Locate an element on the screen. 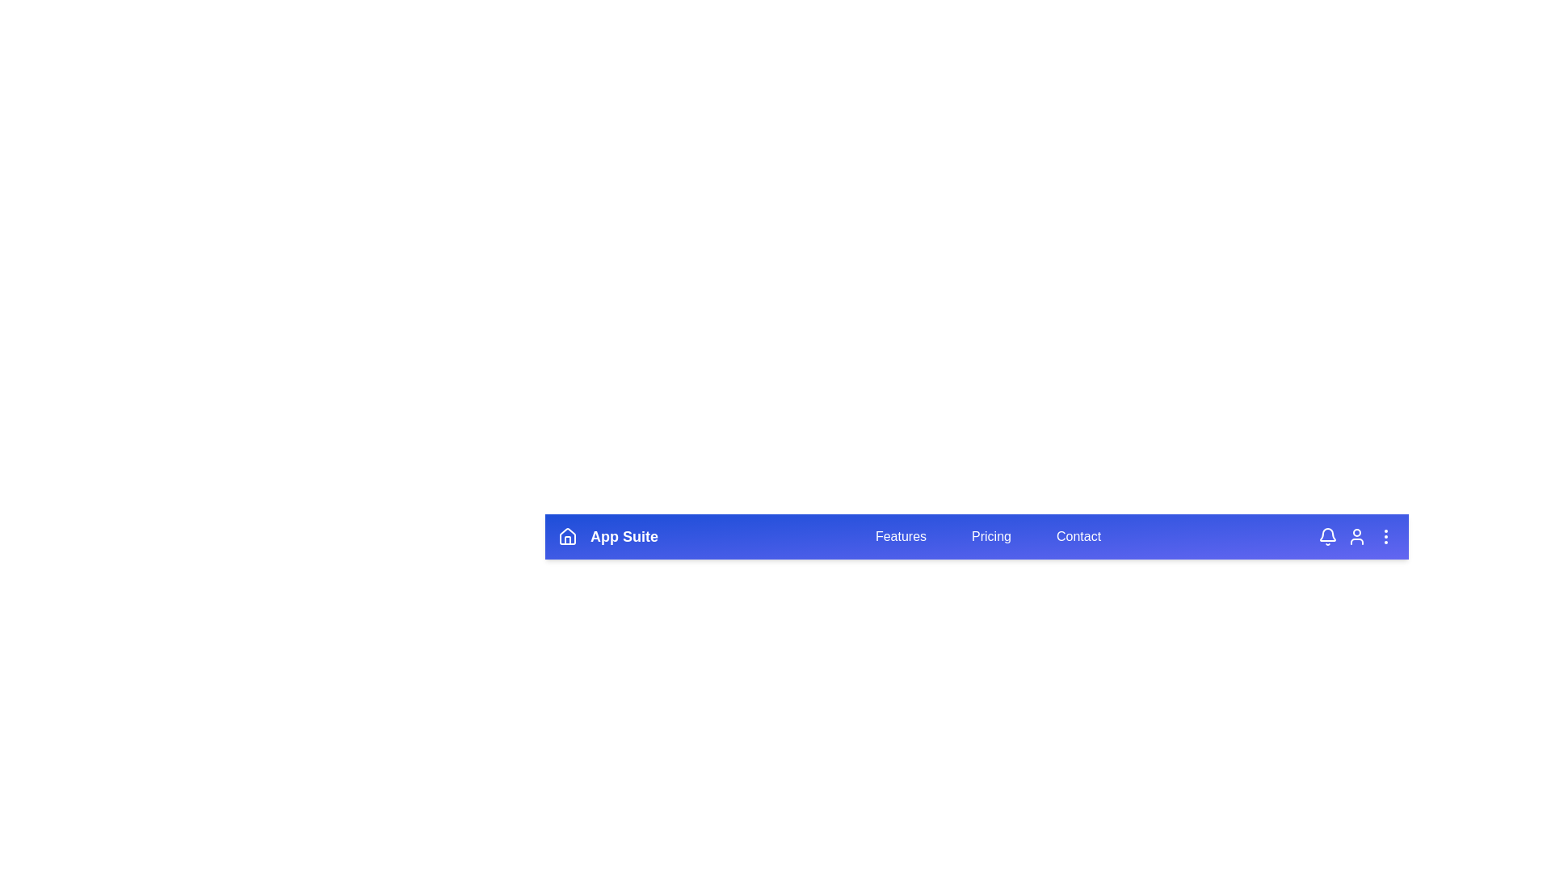 The image size is (1551, 872). the Home icon to navigate to the homepage is located at coordinates (567, 536).